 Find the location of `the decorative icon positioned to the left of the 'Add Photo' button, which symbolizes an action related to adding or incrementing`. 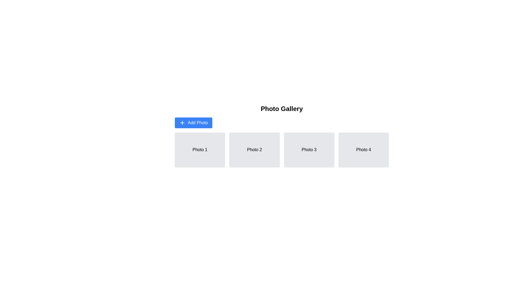

the decorative icon positioned to the left of the 'Add Photo' button, which symbolizes an action related to adding or incrementing is located at coordinates (182, 123).